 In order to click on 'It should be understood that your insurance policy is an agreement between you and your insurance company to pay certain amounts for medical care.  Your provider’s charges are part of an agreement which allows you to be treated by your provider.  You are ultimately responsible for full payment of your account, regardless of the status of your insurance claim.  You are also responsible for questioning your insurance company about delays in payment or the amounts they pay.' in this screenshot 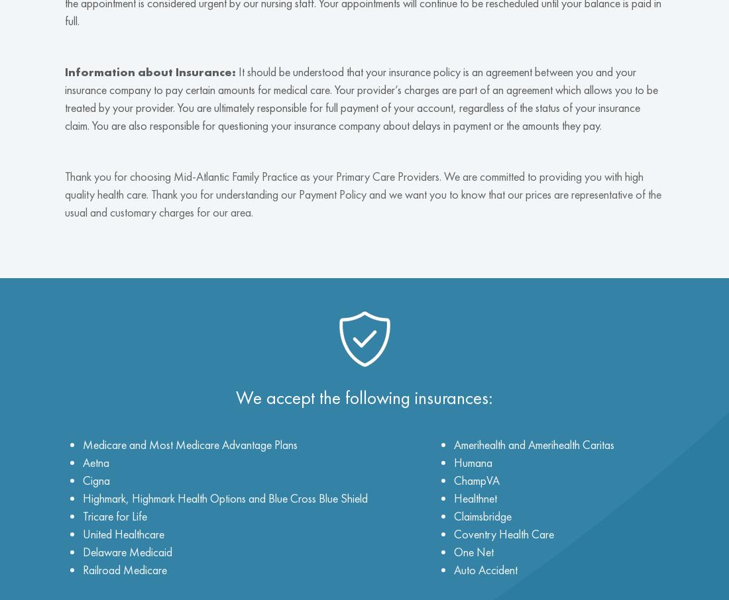, I will do `click(361, 99)`.